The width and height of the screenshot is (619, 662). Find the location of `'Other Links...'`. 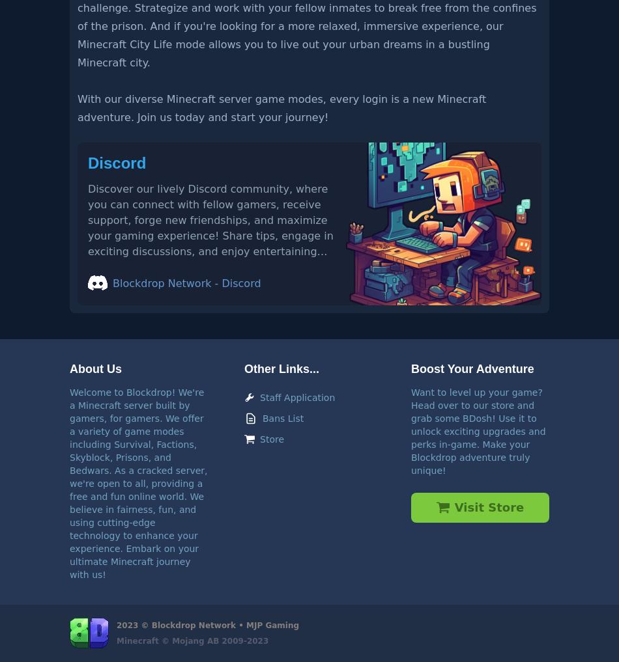

'Other Links...' is located at coordinates (281, 368).